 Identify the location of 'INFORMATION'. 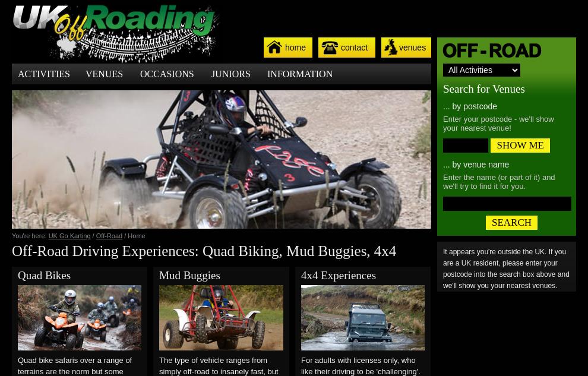
(299, 74).